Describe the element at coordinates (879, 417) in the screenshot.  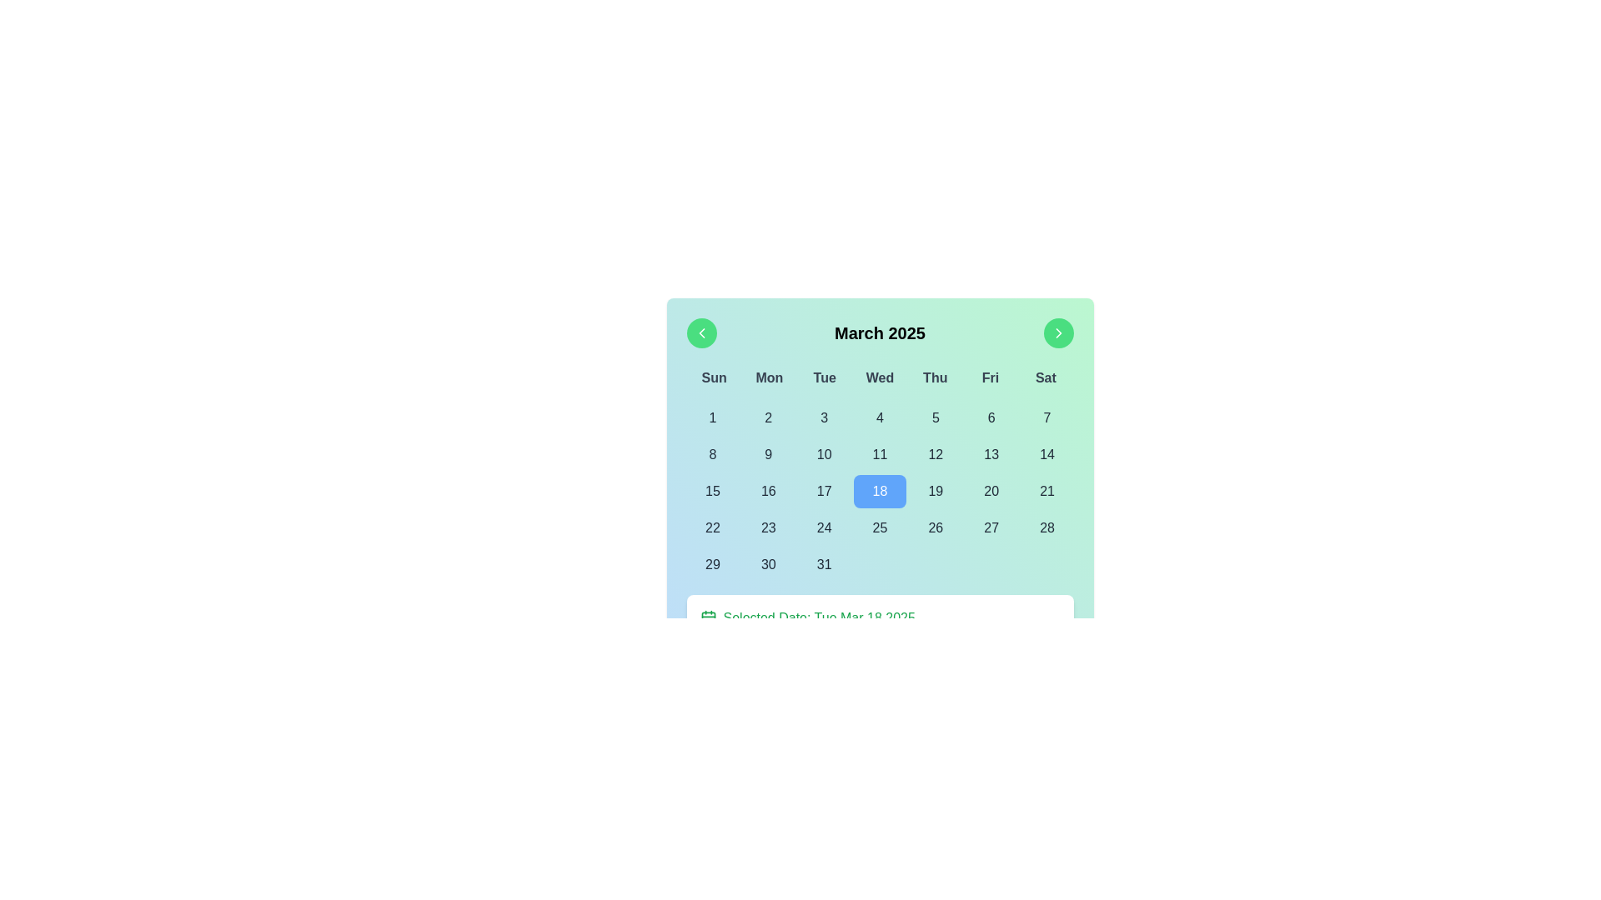
I see `the date cell button representing 'Wednesday, March 4th, 2025' in the calendar grid` at that location.